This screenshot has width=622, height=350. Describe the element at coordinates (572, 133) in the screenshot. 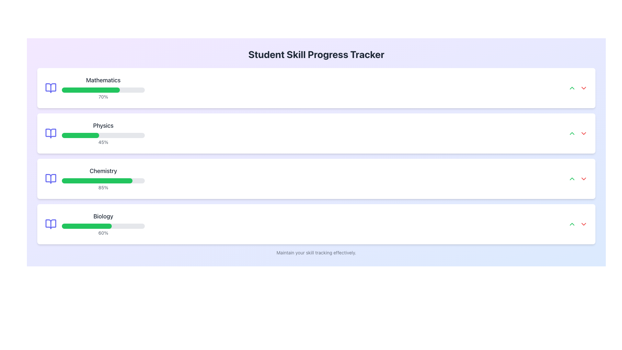

I see `the green upward-pointing chevron icon located to the right of the 'Physics' progress bar` at that location.